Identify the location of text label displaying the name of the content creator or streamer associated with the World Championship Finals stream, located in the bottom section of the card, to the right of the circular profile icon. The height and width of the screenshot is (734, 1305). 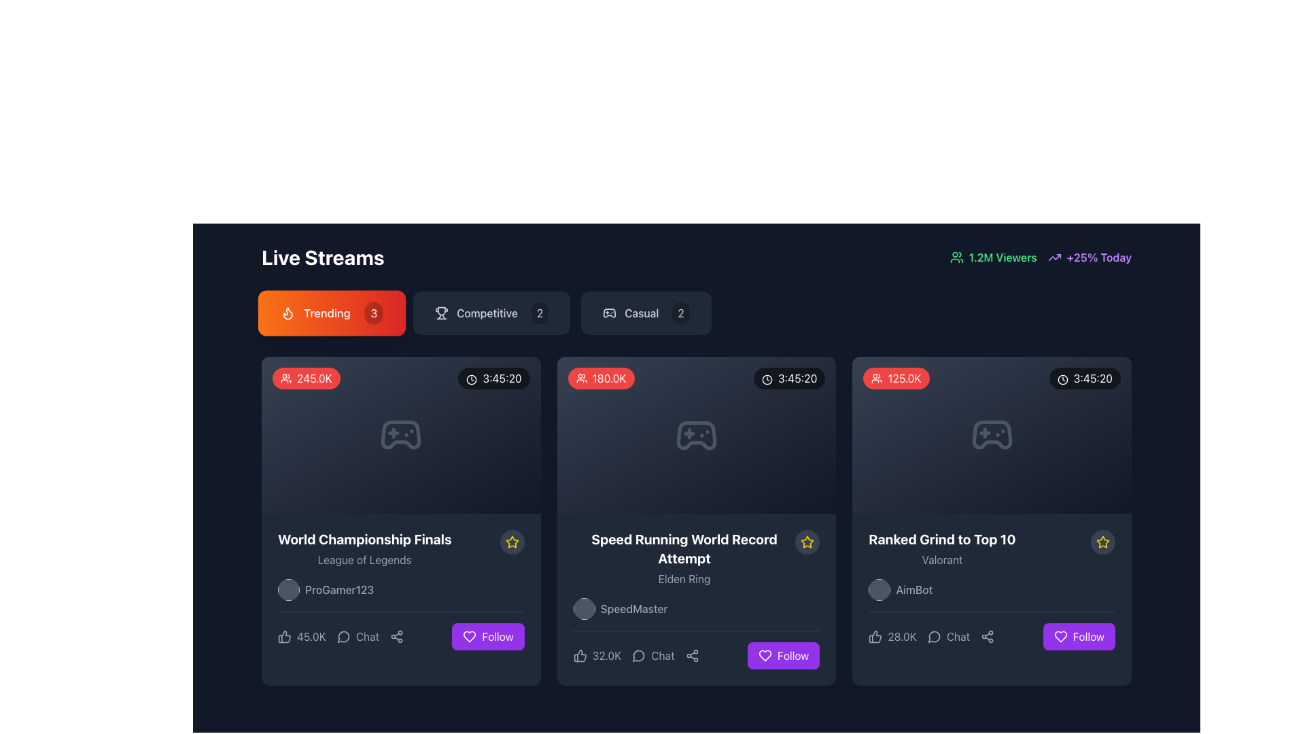
(339, 589).